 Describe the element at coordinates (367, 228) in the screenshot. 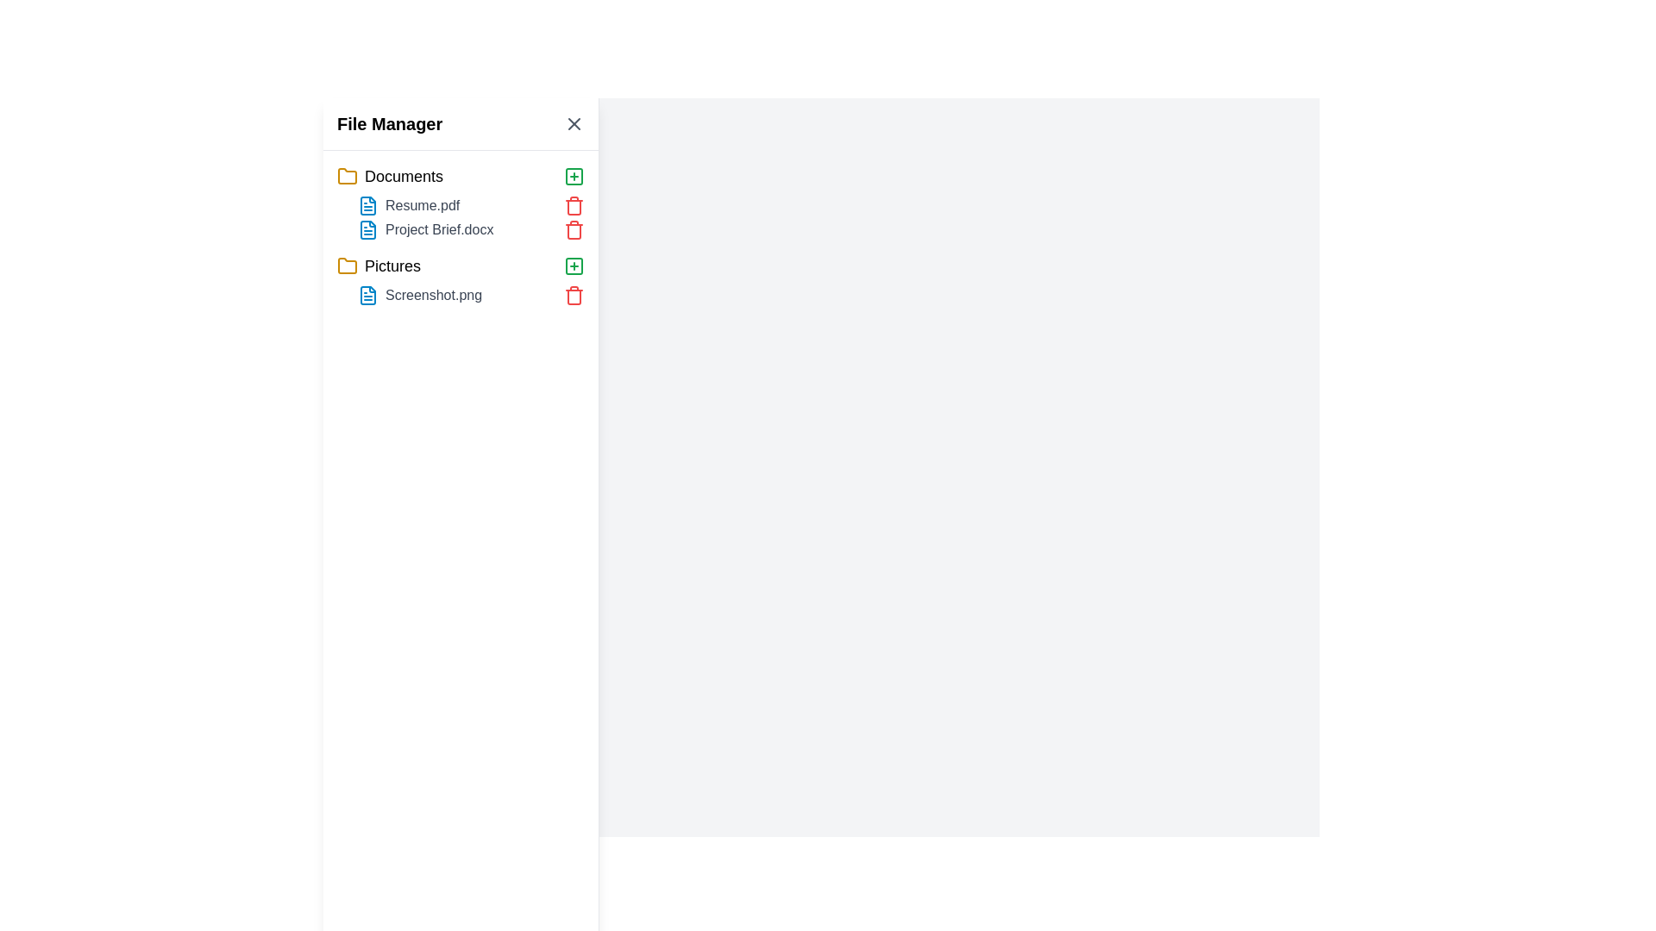

I see `the document icon representing the file 'Project Brief.docx'` at that location.